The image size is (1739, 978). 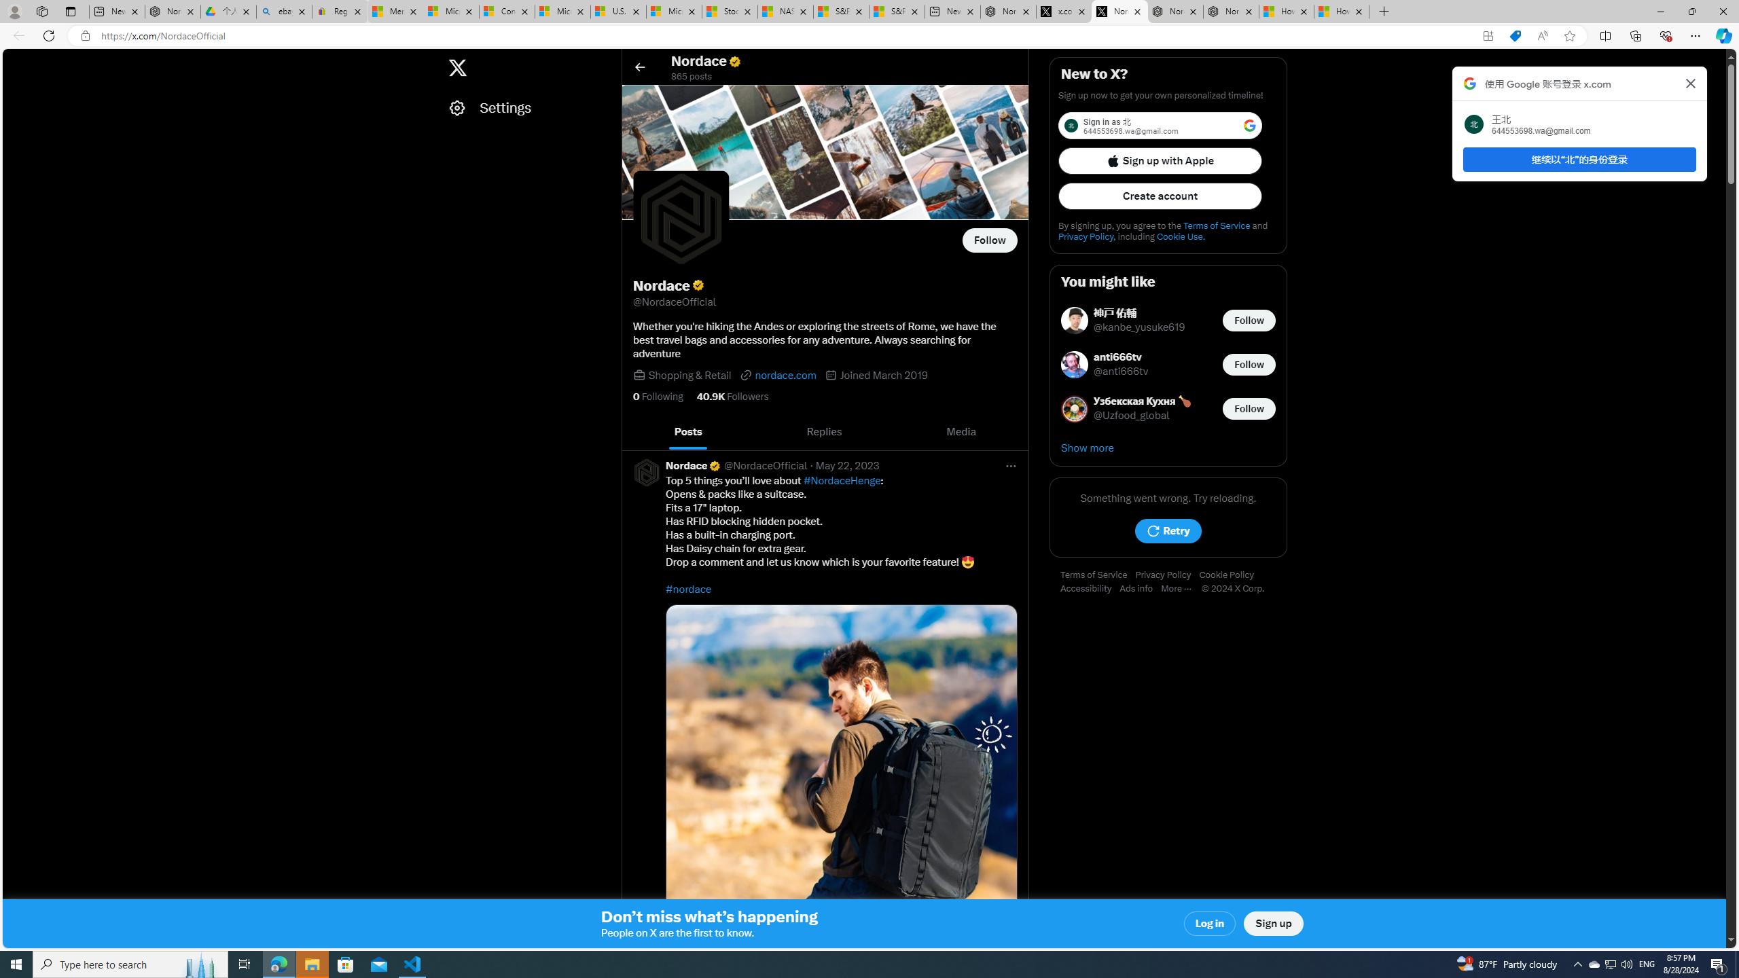 I want to click on 'nordace.com', so click(x=778, y=374).